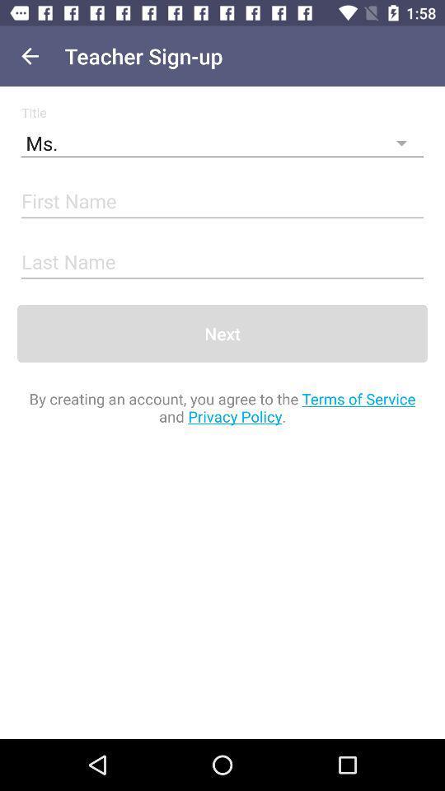 This screenshot has width=445, height=791. What do you see at coordinates (222, 263) in the screenshot?
I see `name column` at bounding box center [222, 263].